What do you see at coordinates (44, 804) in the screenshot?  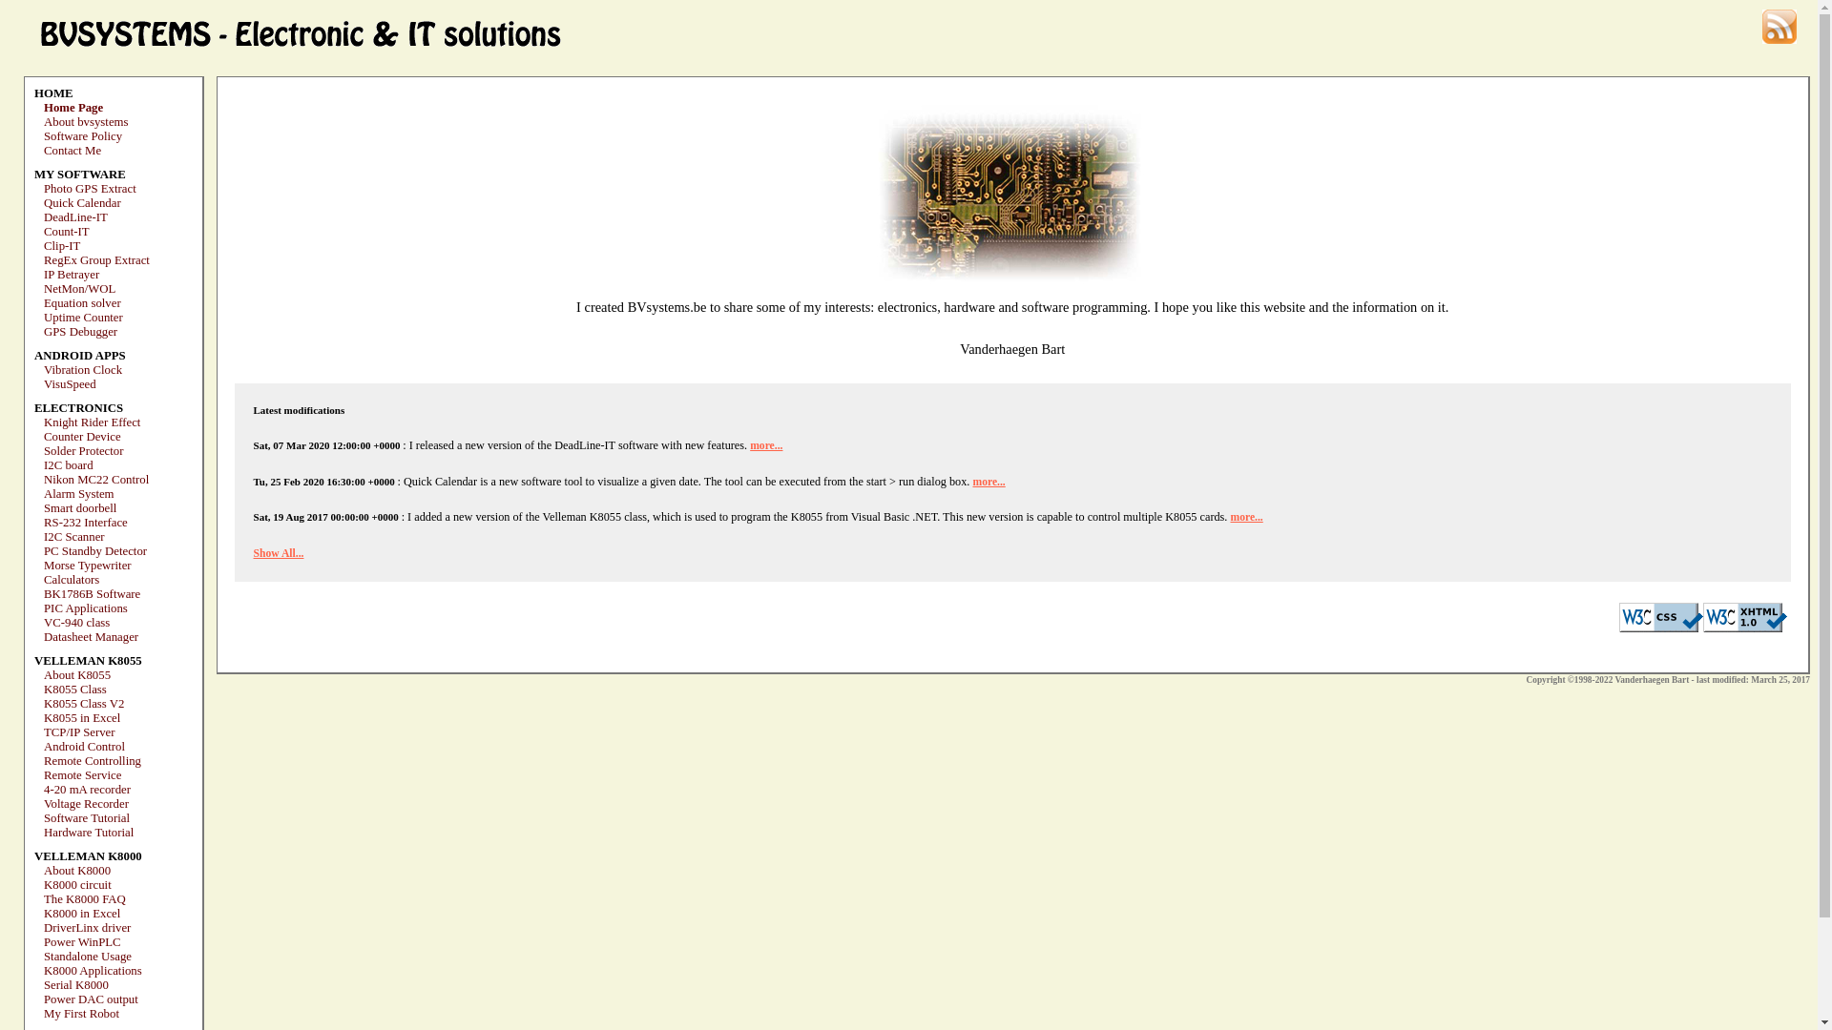 I see `'Voltage Recorder'` at bounding box center [44, 804].